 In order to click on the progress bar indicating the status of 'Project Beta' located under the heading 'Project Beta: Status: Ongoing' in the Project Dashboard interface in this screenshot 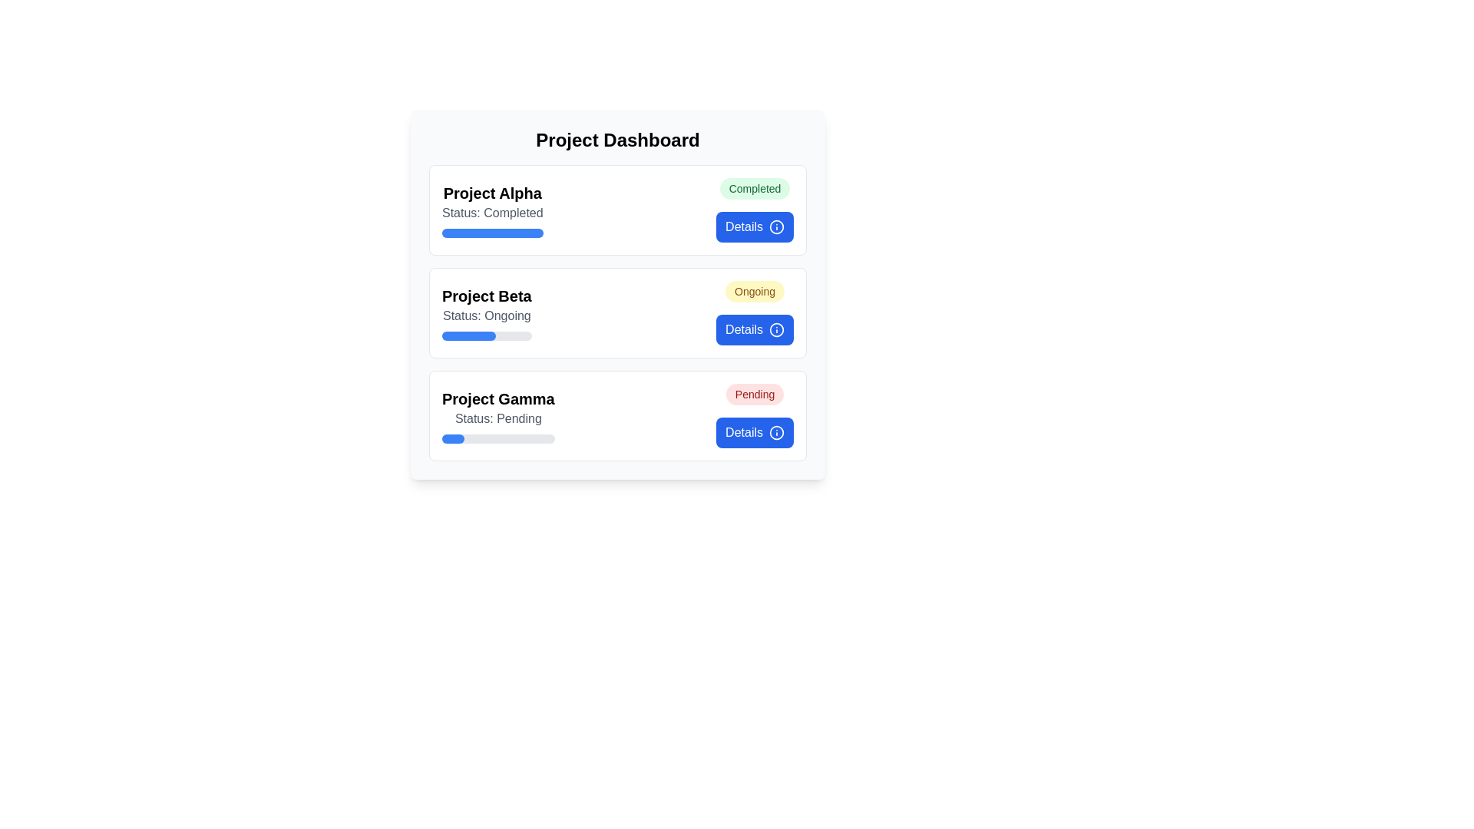, I will do `click(468, 335)`.